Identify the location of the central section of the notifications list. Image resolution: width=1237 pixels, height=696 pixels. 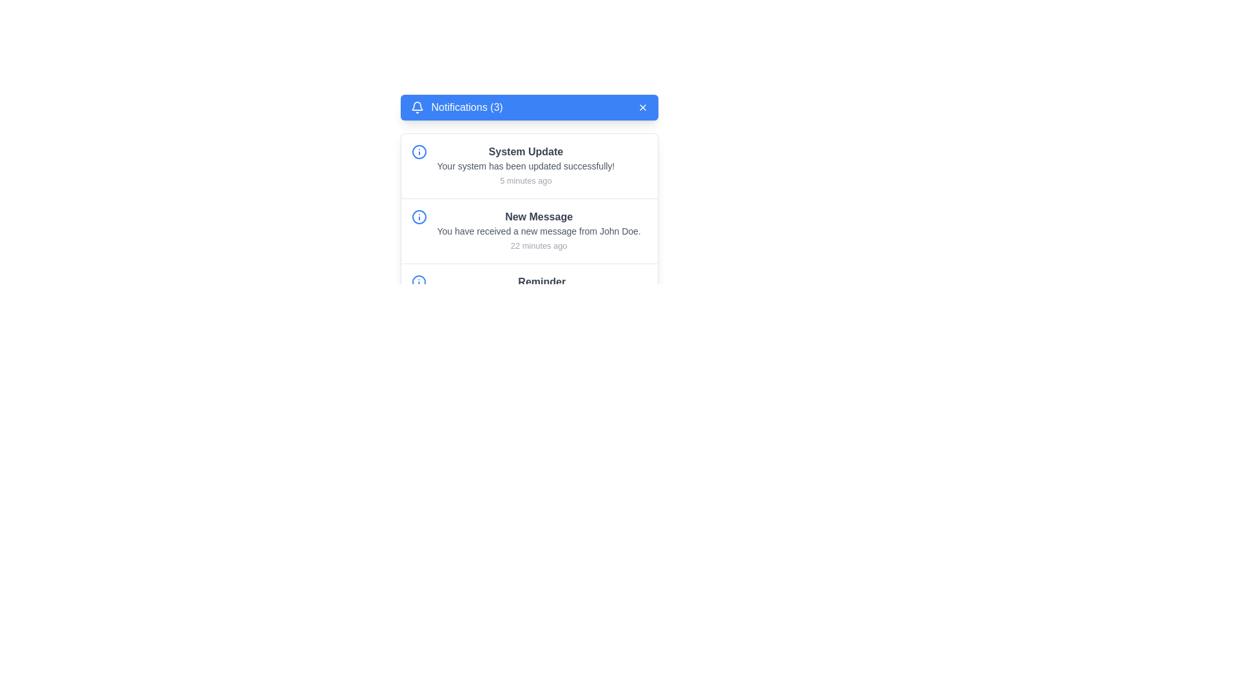
(529, 238).